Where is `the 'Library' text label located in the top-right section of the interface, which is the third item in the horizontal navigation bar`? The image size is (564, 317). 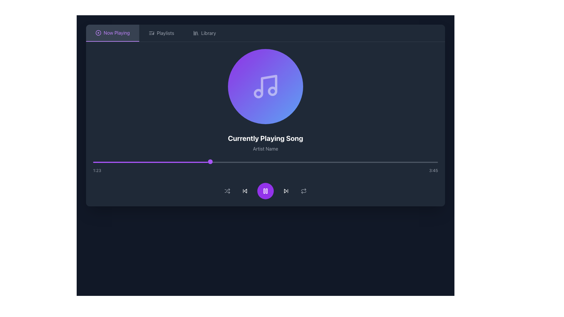
the 'Library' text label located in the top-right section of the interface, which is the third item in the horizontal navigation bar is located at coordinates (209, 33).